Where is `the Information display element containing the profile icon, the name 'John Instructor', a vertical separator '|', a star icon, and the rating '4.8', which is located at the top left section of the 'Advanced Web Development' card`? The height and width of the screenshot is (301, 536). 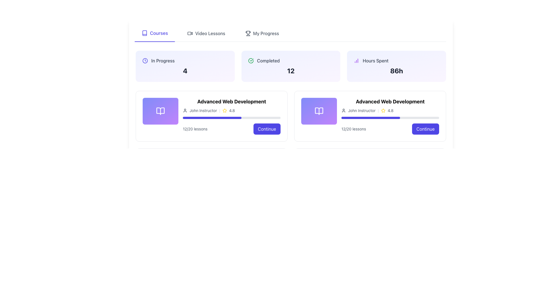
the Information display element containing the profile icon, the name 'John Instructor', a vertical separator '|', a star icon, and the rating '4.8', which is located at the top left section of the 'Advanced Web Development' card is located at coordinates (232, 111).